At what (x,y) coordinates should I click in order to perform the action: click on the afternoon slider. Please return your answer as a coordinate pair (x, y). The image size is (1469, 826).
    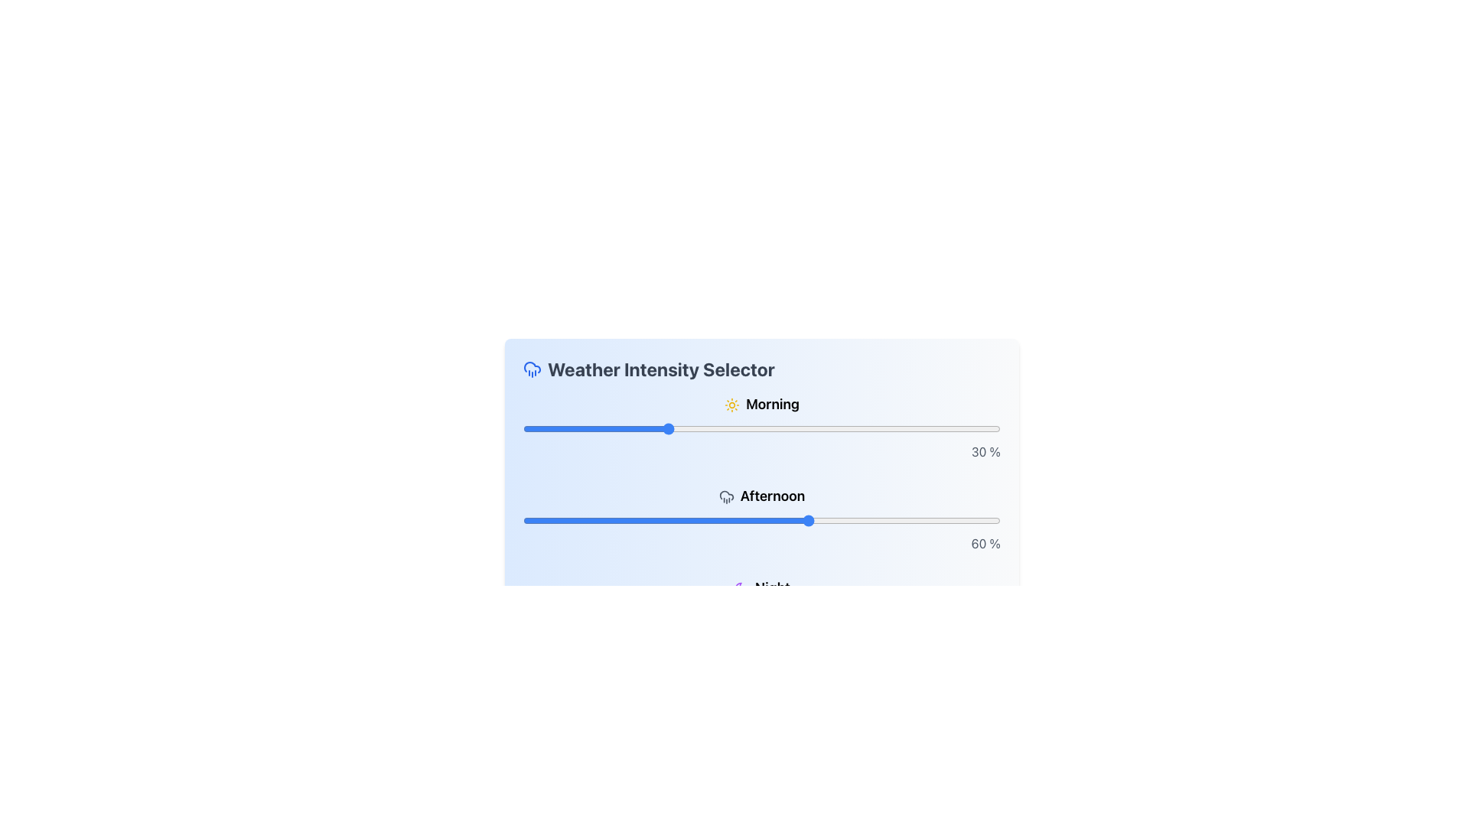
    Looking at the image, I should click on (947, 520).